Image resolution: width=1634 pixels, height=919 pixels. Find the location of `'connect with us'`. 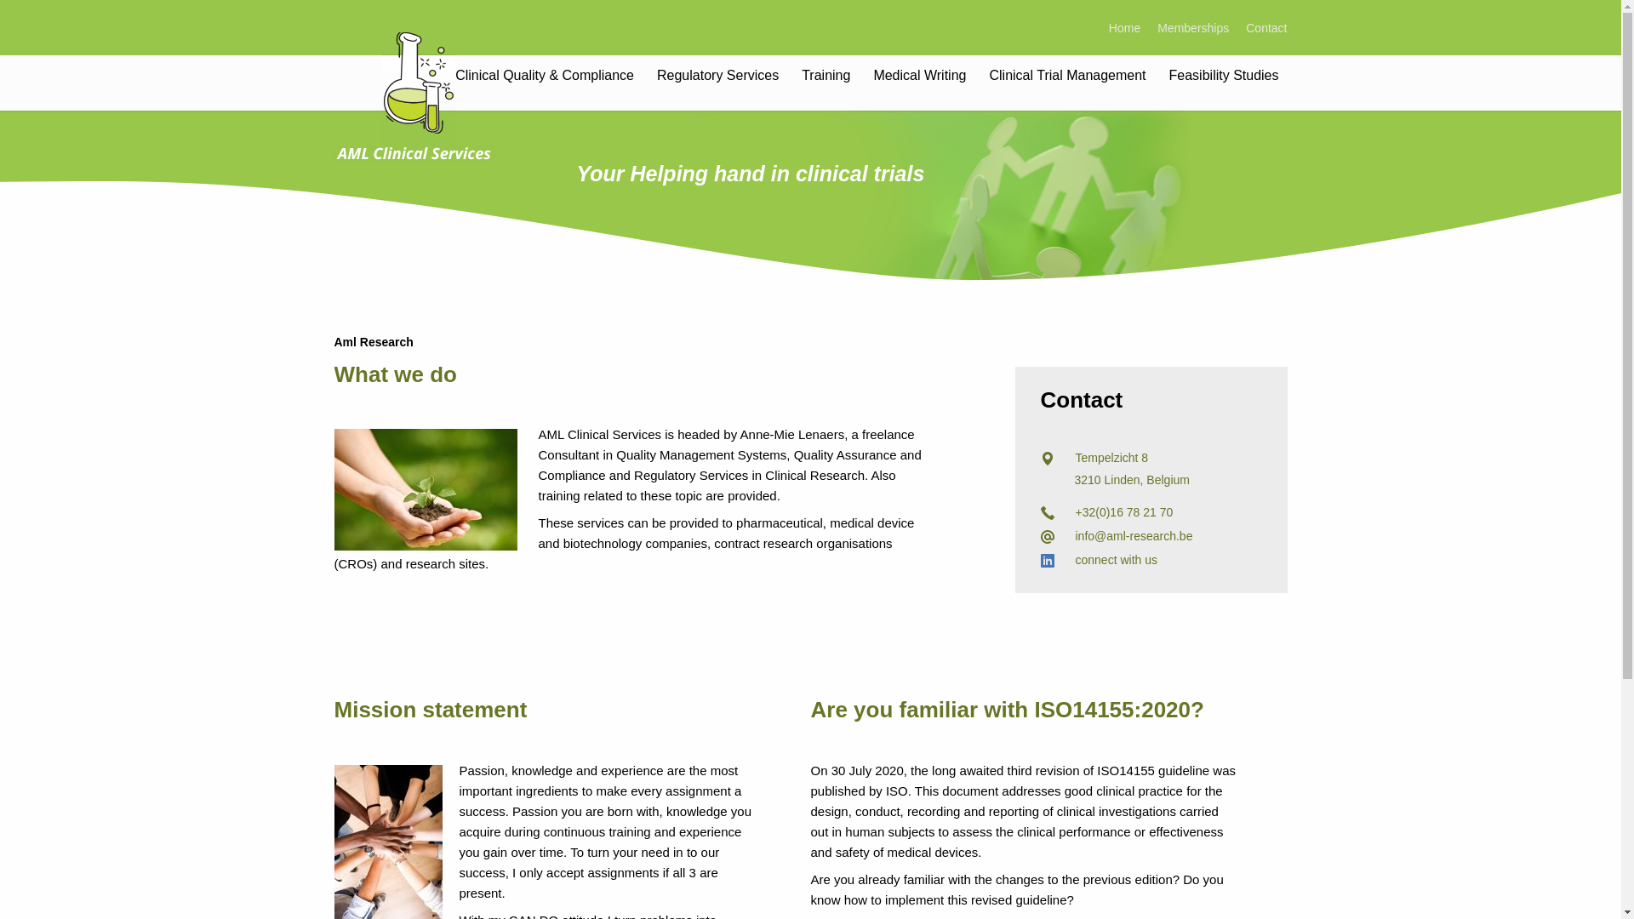

'connect with us' is located at coordinates (1117, 560).